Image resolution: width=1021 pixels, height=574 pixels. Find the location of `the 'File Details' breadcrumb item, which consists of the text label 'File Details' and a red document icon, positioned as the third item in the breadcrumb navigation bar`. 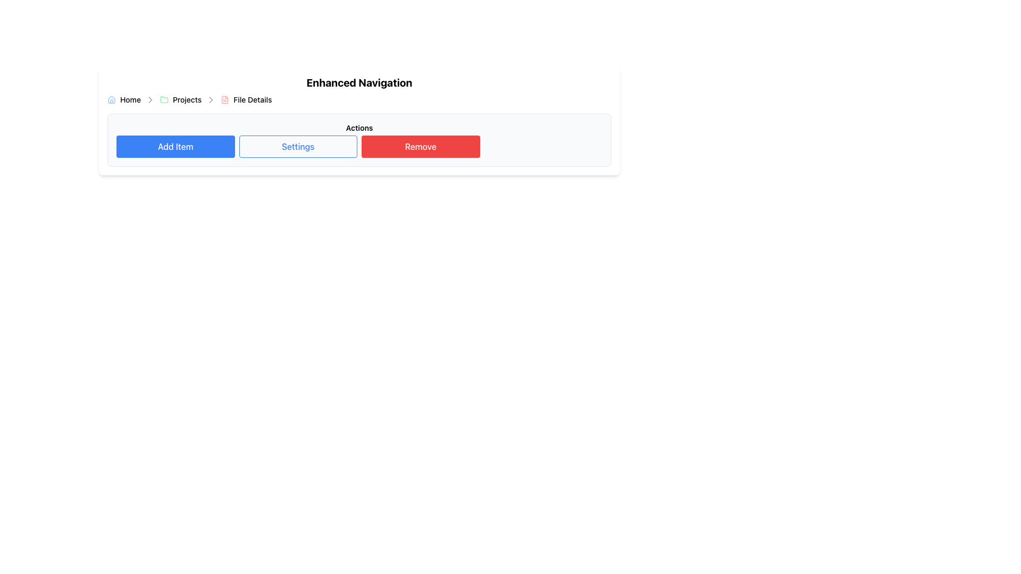

the 'File Details' breadcrumb item, which consists of the text label 'File Details' and a red document icon, positioned as the third item in the breadcrumb navigation bar is located at coordinates (246, 100).